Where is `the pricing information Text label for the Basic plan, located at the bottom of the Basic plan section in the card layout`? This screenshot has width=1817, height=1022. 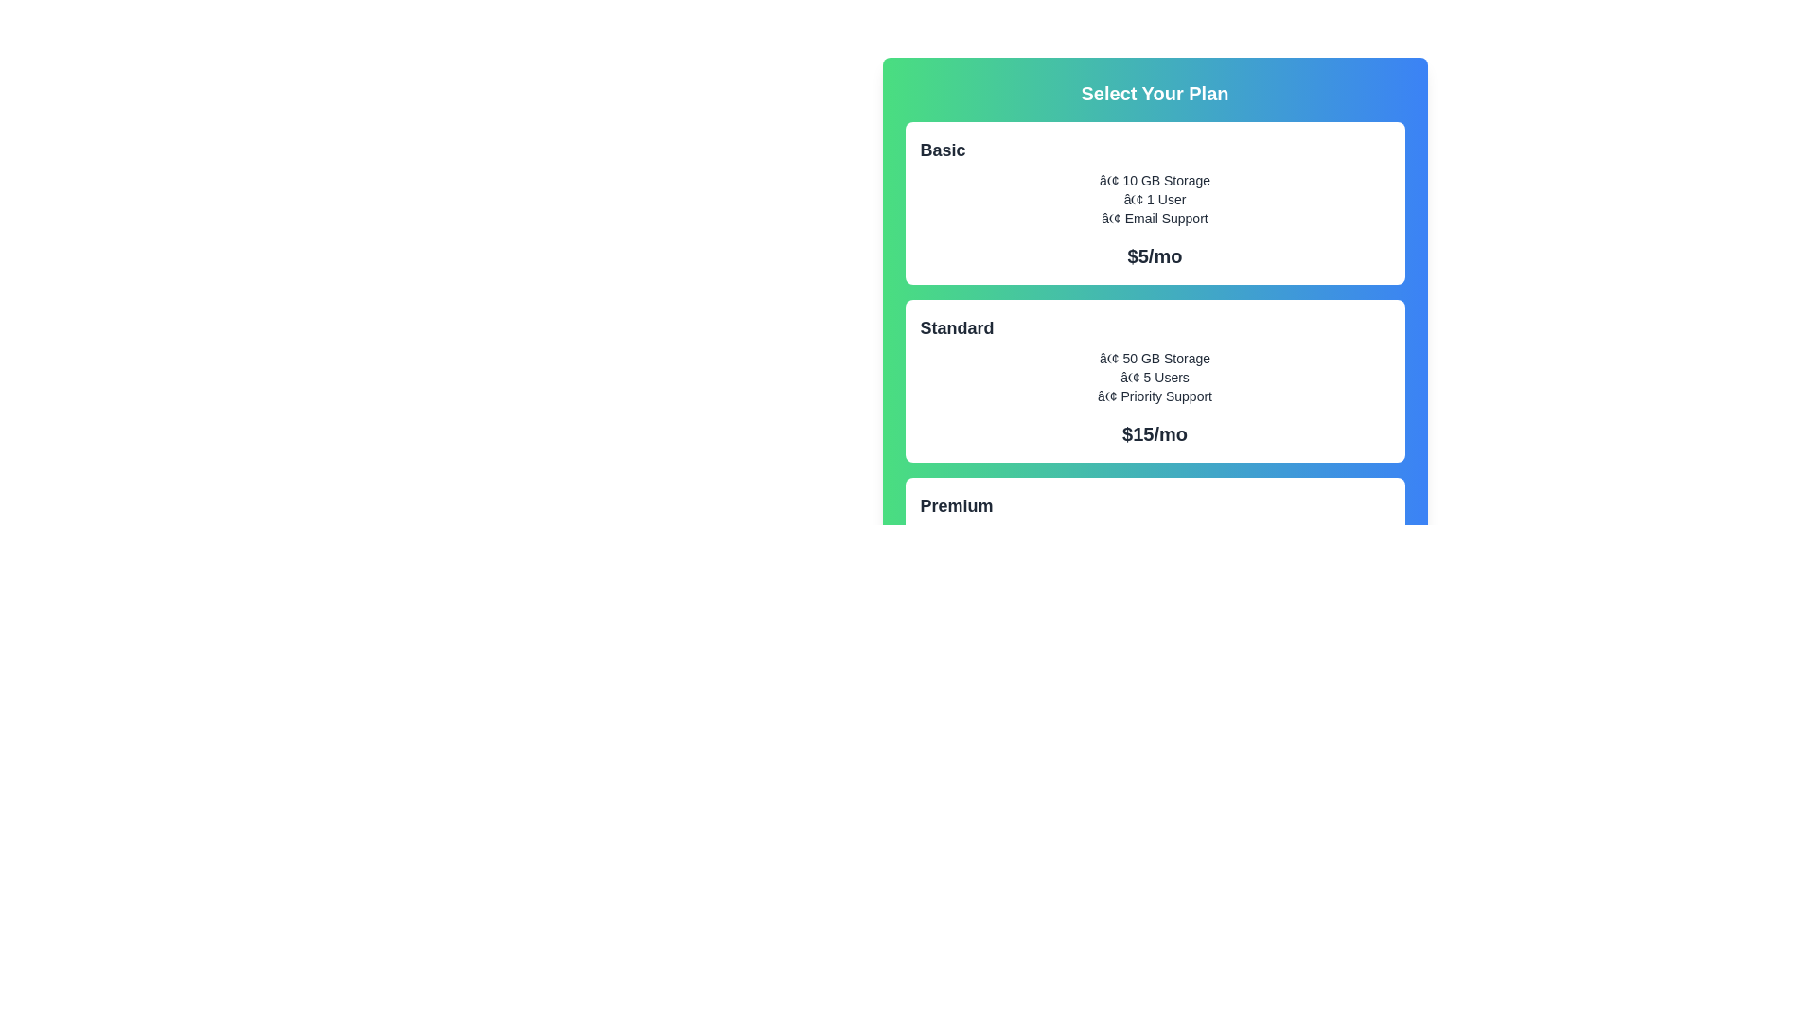 the pricing information Text label for the Basic plan, located at the bottom of the Basic plan section in the card layout is located at coordinates (1154, 255).